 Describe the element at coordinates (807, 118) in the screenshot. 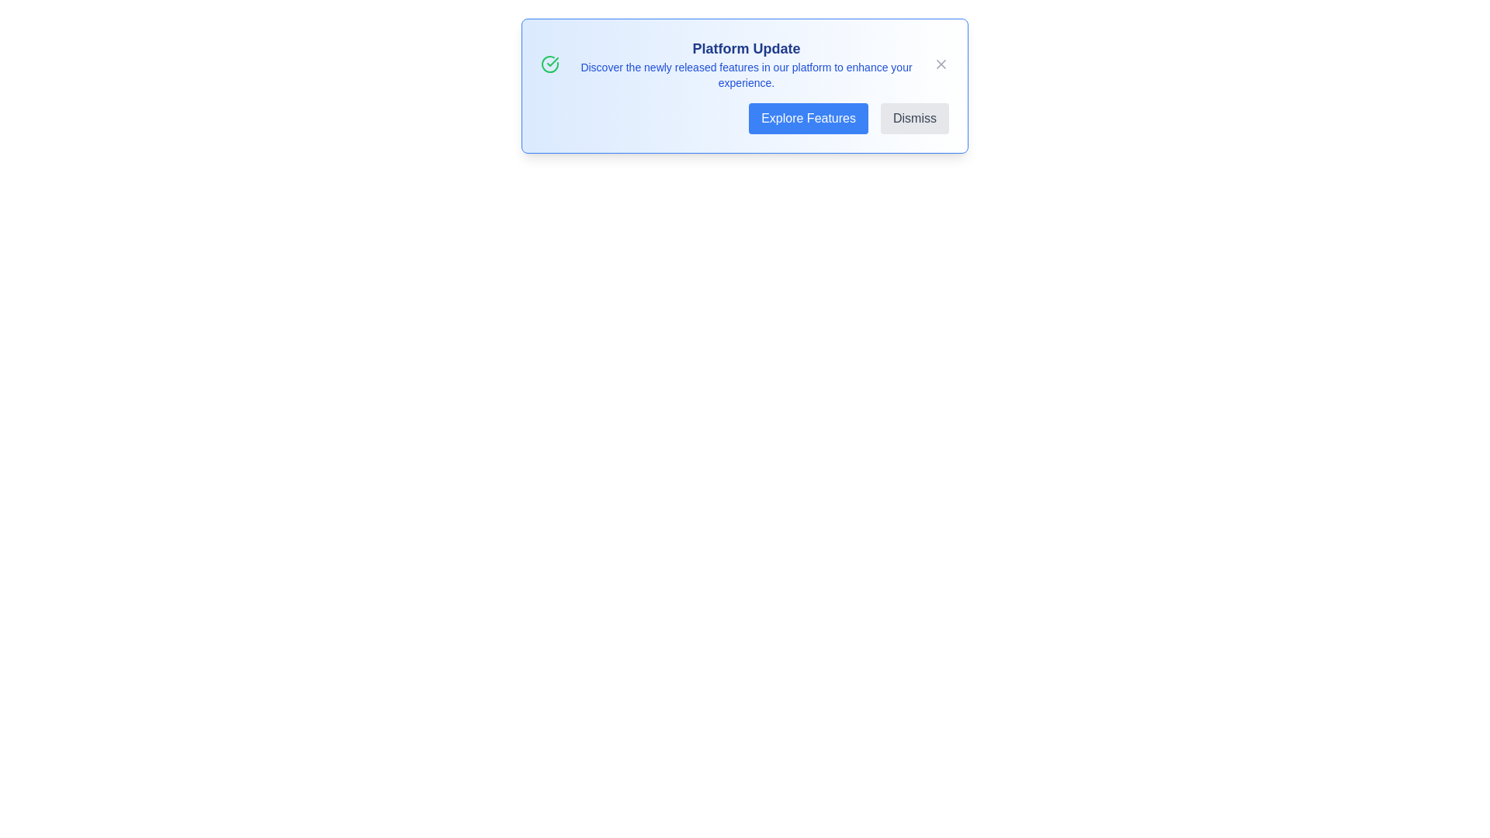

I see `the 'Explore Features' button` at that location.